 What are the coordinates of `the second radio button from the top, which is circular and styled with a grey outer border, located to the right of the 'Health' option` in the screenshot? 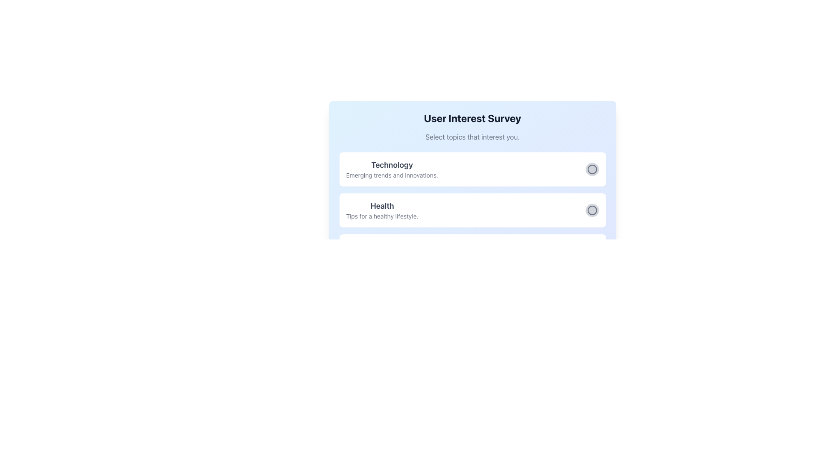 It's located at (592, 210).